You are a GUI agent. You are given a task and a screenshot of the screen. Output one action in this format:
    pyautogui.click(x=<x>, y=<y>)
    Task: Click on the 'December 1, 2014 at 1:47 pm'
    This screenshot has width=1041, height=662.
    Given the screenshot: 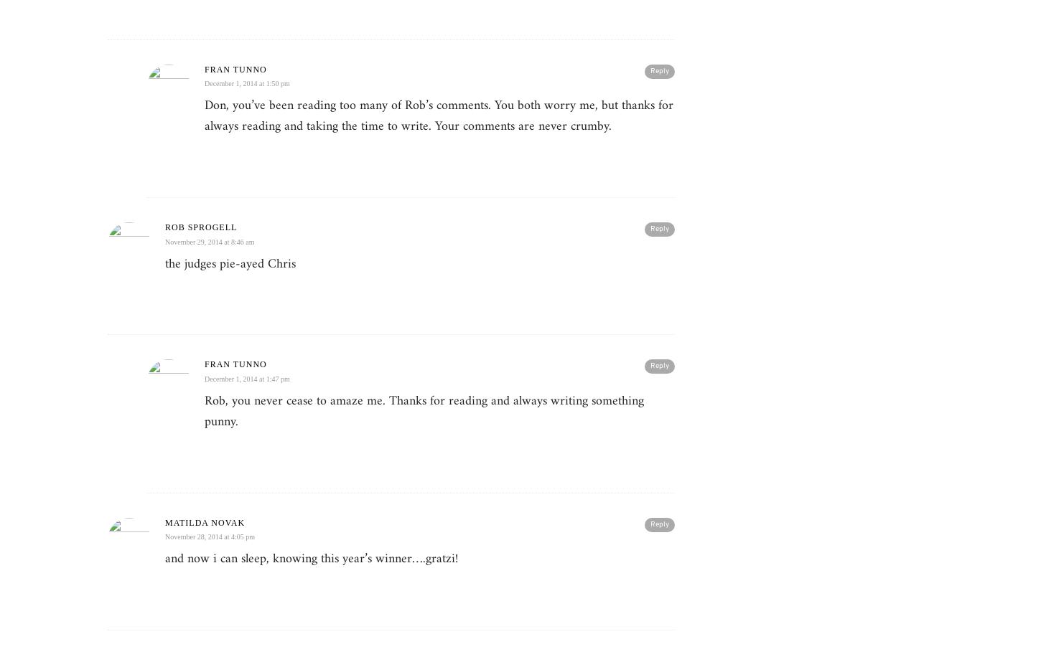 What is the action you would take?
    pyautogui.click(x=205, y=377)
    